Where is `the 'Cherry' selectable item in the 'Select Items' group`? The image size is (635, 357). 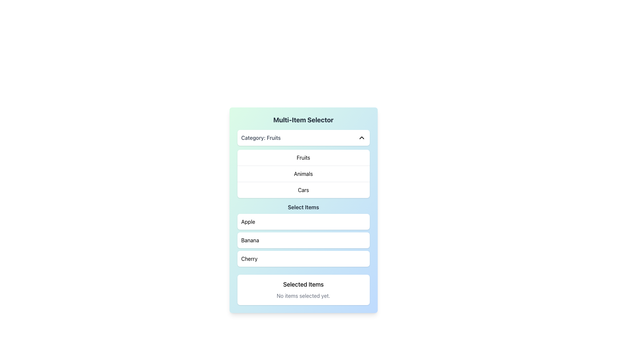 the 'Cherry' selectable item in the 'Select Items' group is located at coordinates (249, 258).